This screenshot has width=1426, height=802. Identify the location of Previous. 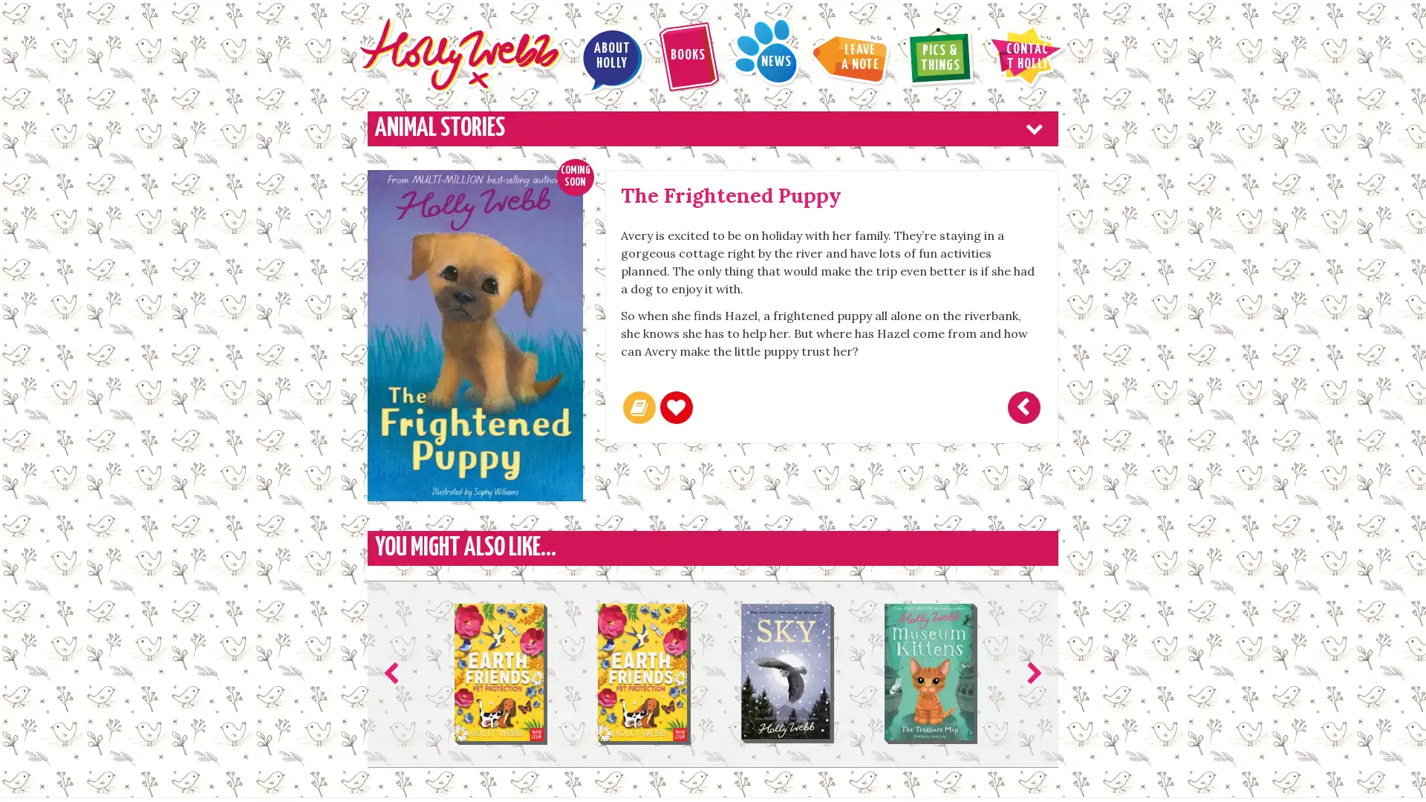
(394, 673).